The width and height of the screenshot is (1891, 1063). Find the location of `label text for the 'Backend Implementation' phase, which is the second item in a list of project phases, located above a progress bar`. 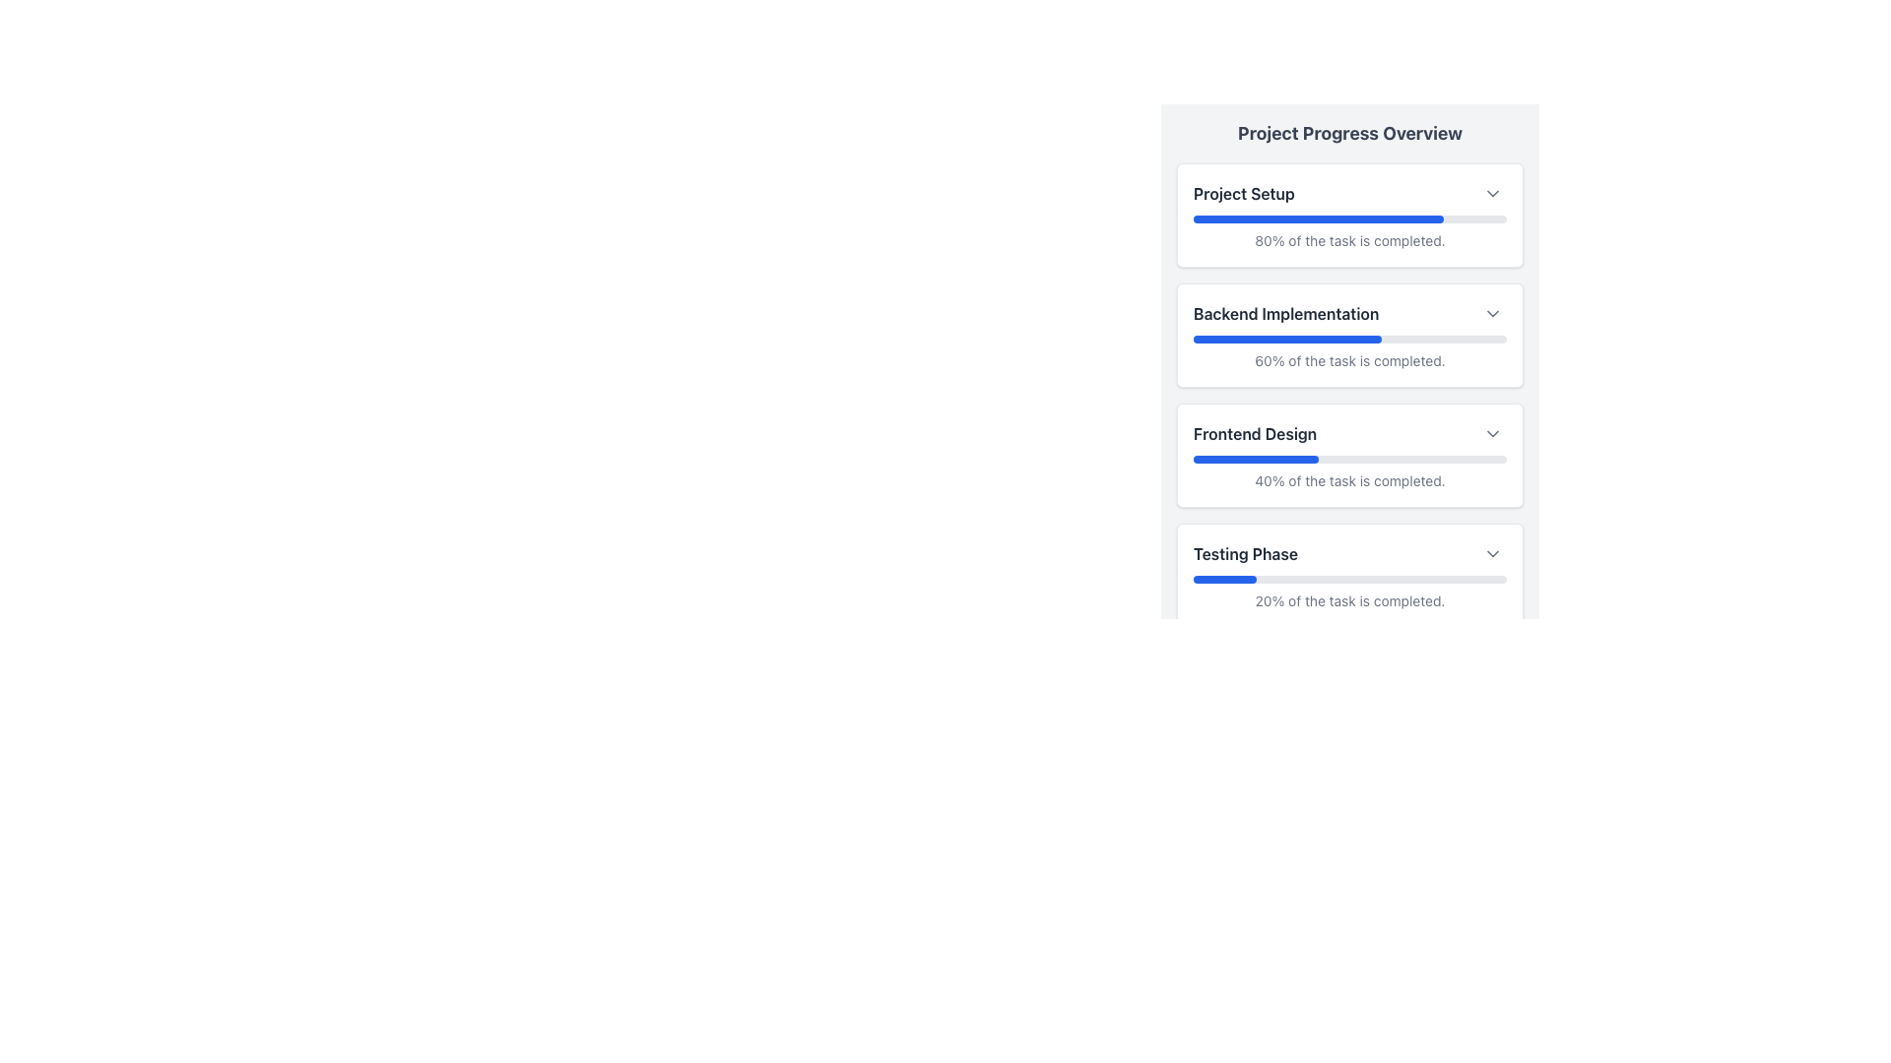

label text for the 'Backend Implementation' phase, which is the second item in a list of project phases, located above a progress bar is located at coordinates (1349, 313).